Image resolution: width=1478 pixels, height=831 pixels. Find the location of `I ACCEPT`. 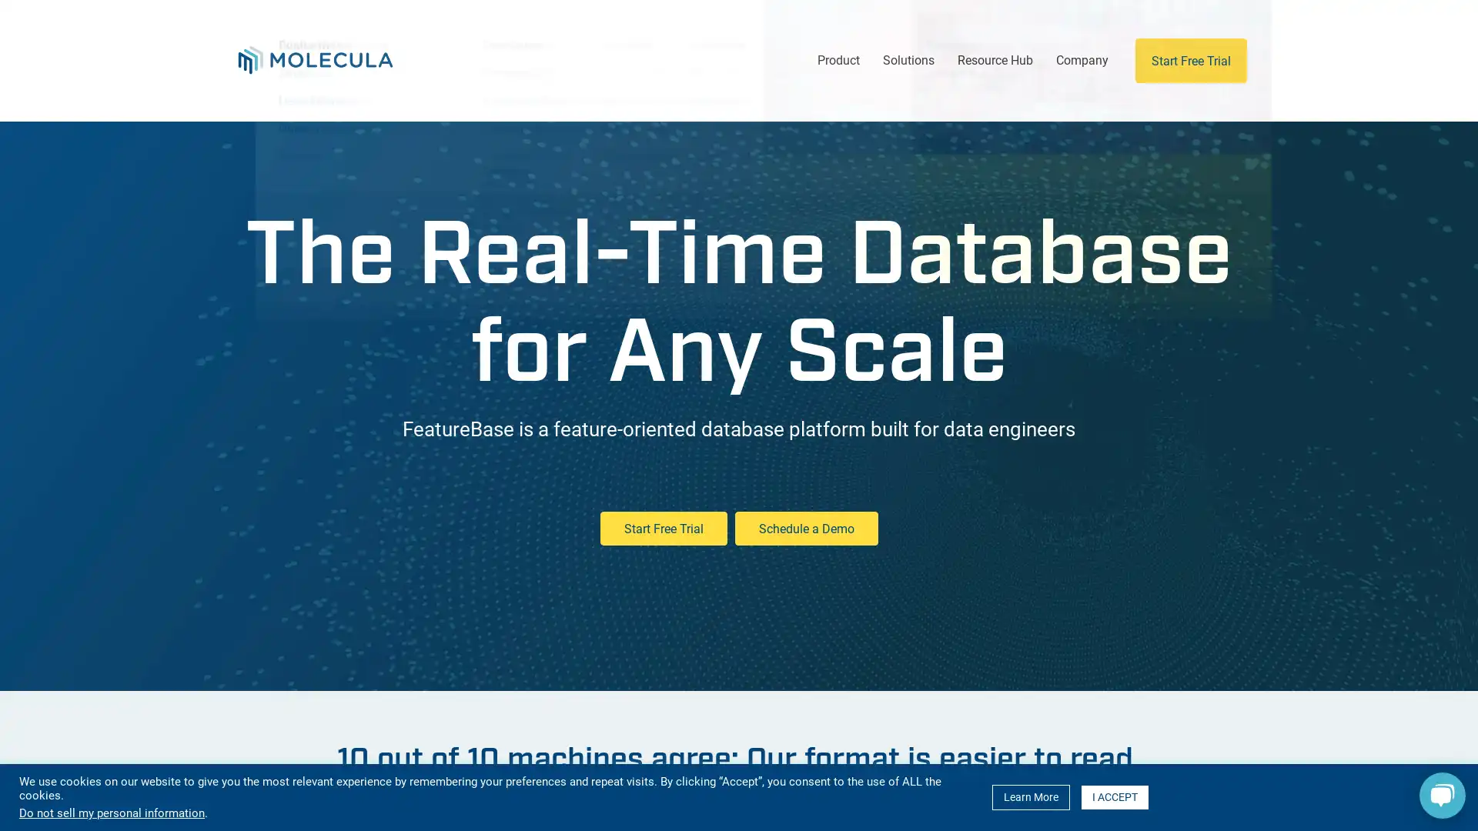

I ACCEPT is located at coordinates (1115, 796).